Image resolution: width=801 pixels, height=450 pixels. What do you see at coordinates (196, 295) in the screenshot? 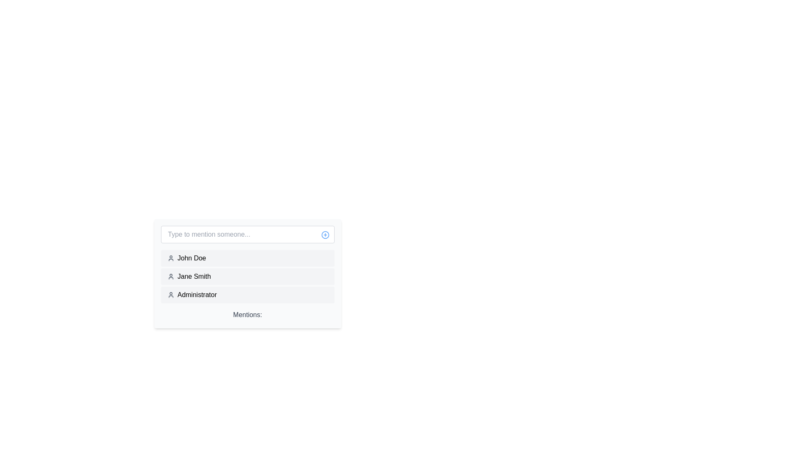
I see `the text label that identifies a user role or name, located as the third item in a vertical list below 'John Doe' and 'Jane Smith'` at bounding box center [196, 295].